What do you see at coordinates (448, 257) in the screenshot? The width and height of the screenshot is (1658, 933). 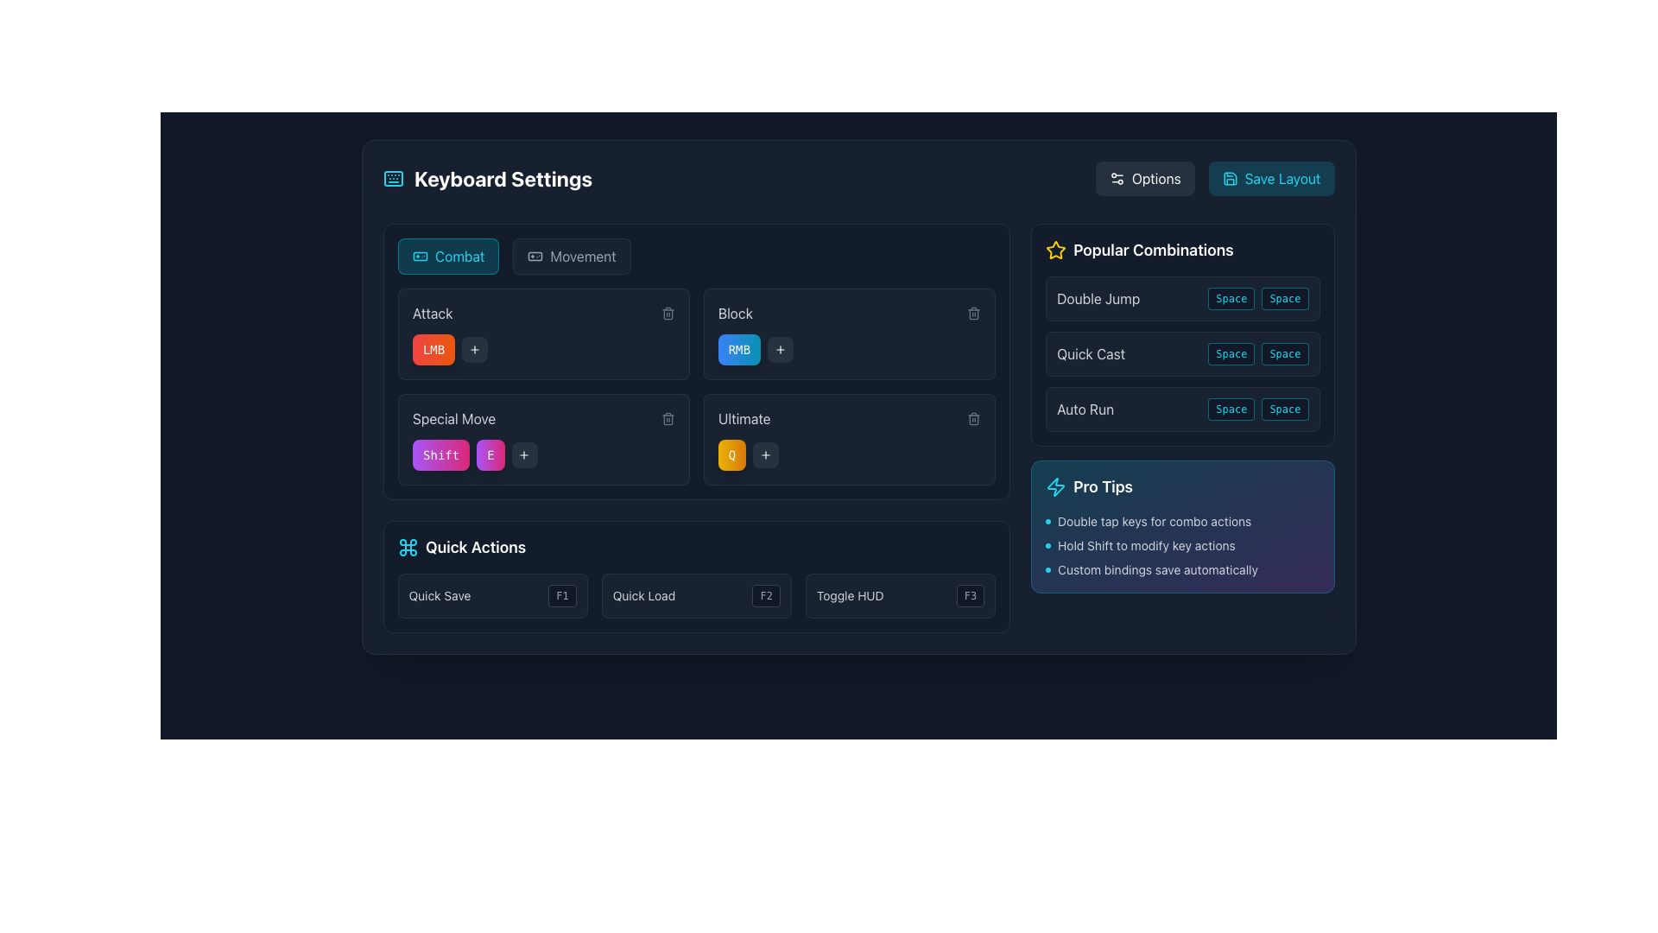 I see `the 'Combat' button in the 'Keyboard Settings' section using keyboard navigation to focus on it for further actions` at bounding box center [448, 257].